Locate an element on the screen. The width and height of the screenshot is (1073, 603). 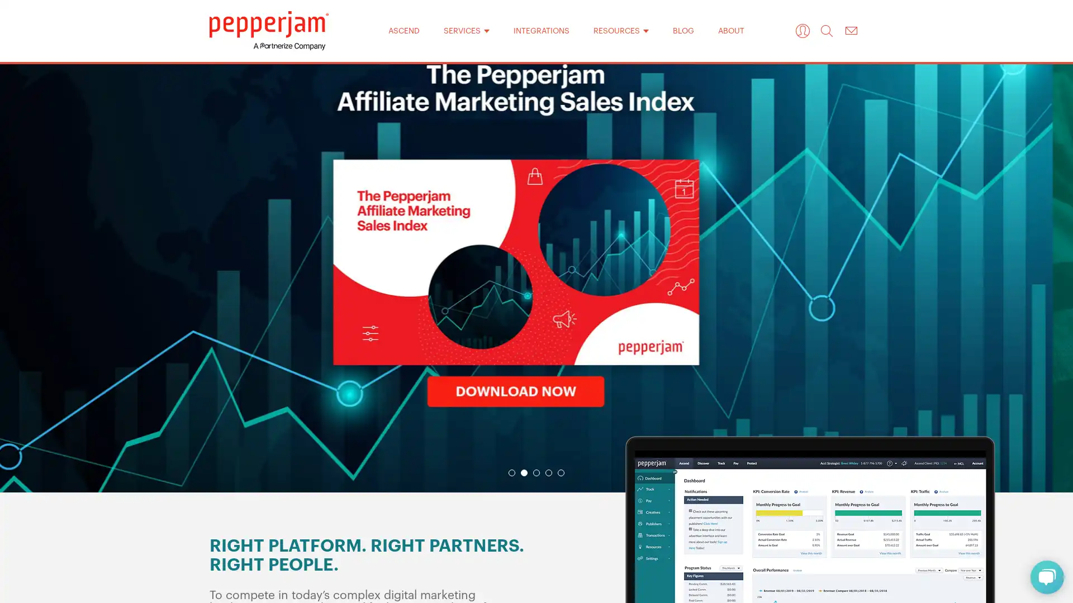
Close is located at coordinates (681, 122).